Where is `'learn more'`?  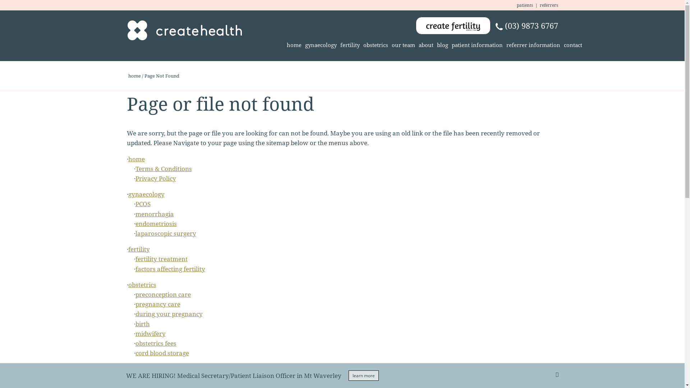 'learn more' is located at coordinates (364, 375).